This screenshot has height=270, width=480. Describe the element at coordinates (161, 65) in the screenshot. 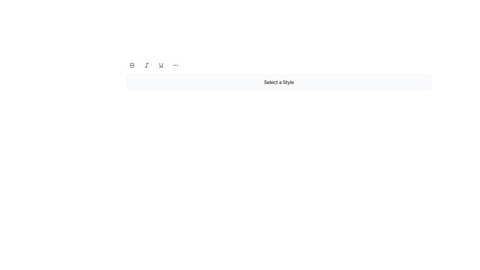

I see `the underline icon button located in the formatting toolbar` at that location.